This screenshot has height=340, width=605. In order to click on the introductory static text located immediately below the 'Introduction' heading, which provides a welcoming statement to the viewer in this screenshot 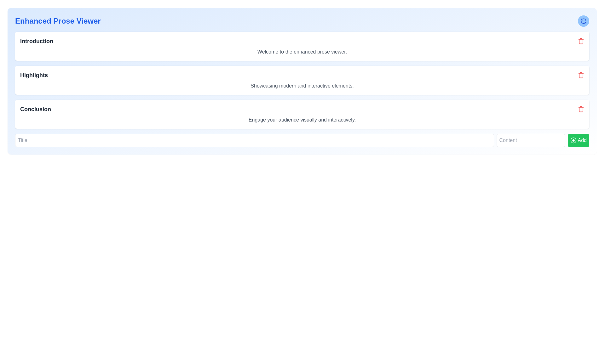, I will do `click(302, 52)`.